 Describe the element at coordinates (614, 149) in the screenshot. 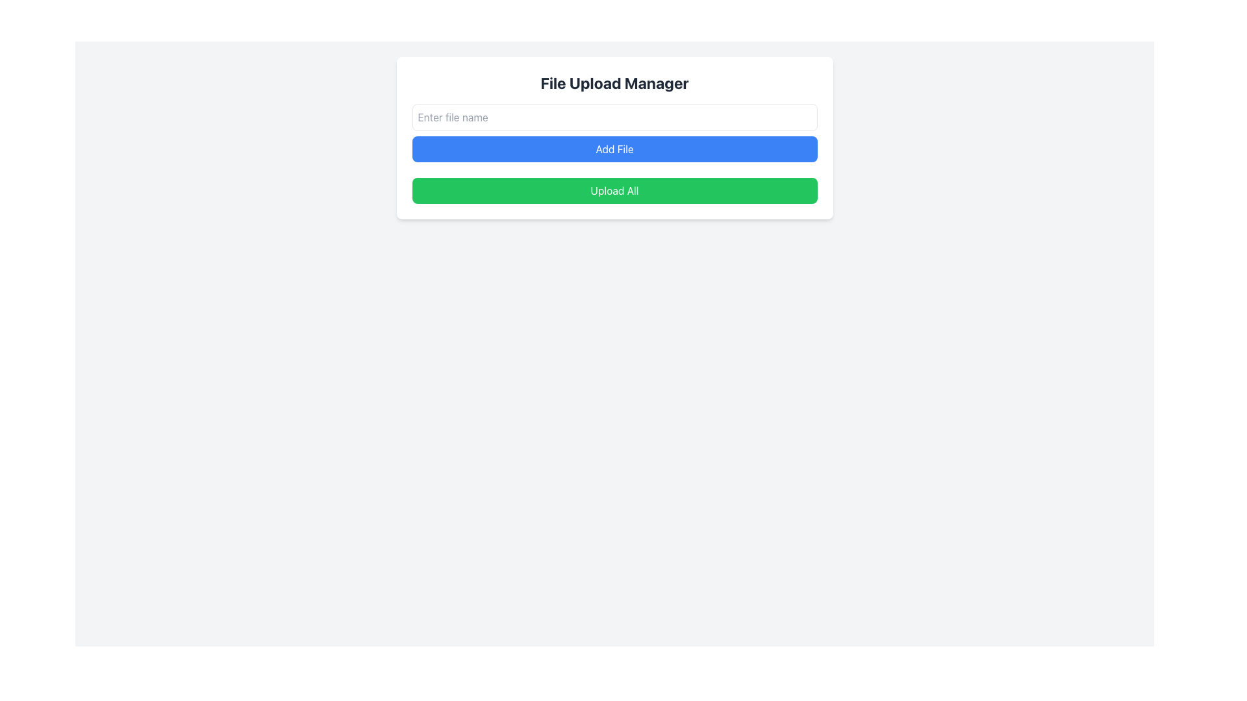

I see `the 'Add Files' button located centrally in the file upload form to observe the background color change` at that location.